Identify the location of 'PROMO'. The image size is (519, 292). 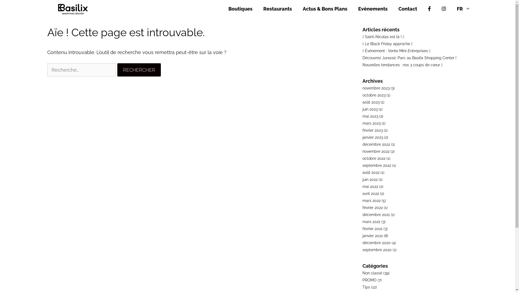
(369, 280).